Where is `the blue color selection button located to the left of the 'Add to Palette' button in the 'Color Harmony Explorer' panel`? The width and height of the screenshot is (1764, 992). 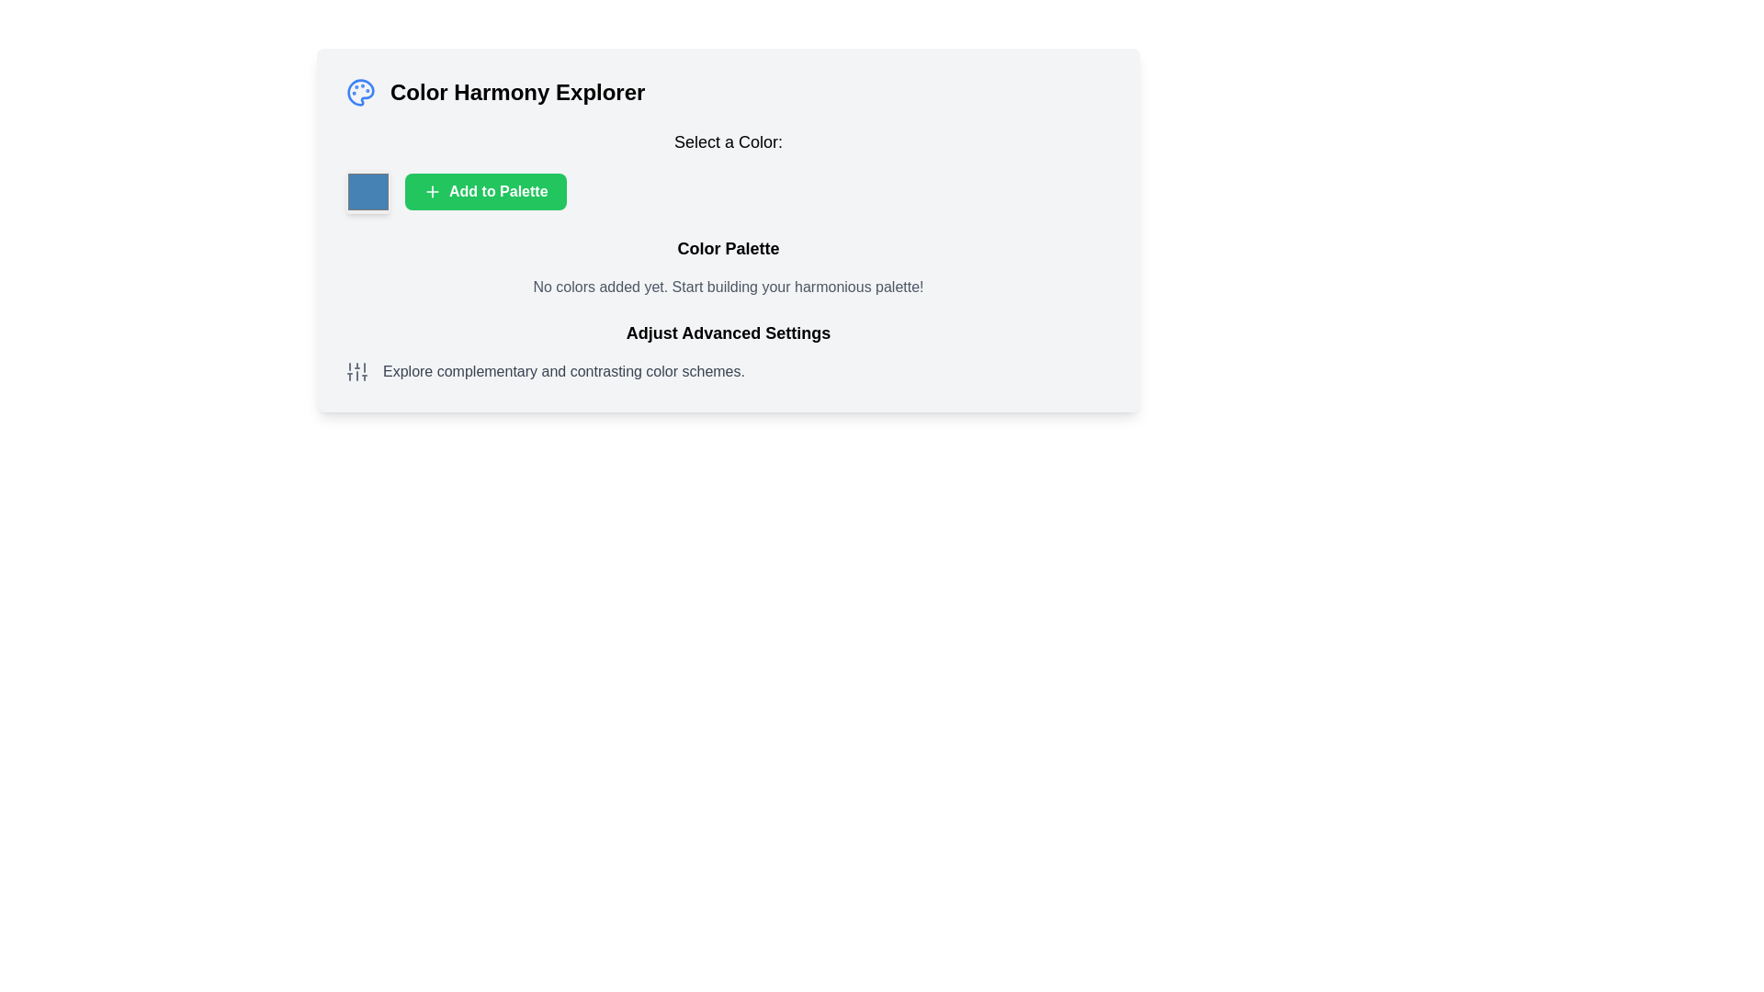 the blue color selection button located to the left of the 'Add to Palette' button in the 'Color Harmony Explorer' panel is located at coordinates (367, 191).